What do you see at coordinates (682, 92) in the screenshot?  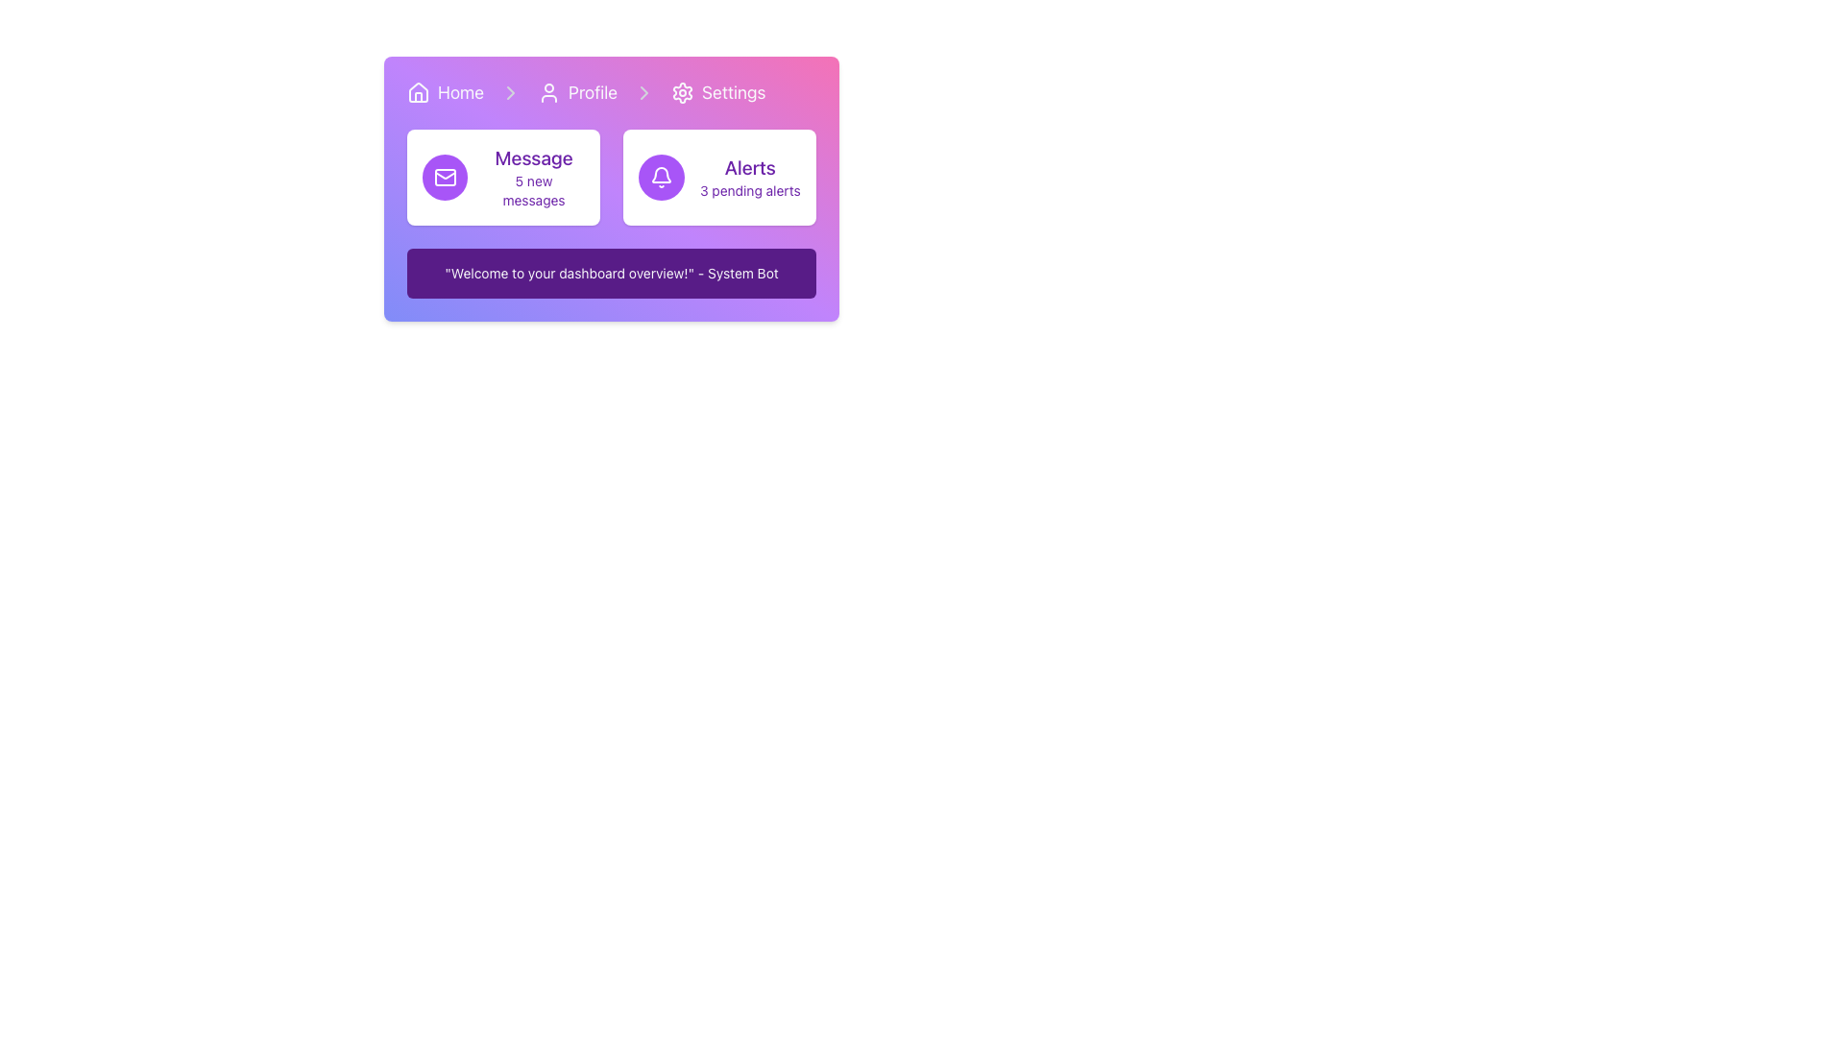 I see `the 'Settings' icon located in the top-right area of the navigation bar` at bounding box center [682, 92].